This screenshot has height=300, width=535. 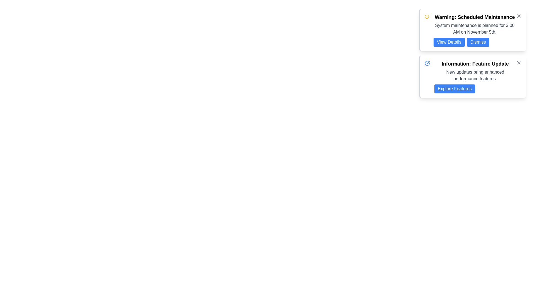 I want to click on the button that invites users, so click(x=475, y=89).